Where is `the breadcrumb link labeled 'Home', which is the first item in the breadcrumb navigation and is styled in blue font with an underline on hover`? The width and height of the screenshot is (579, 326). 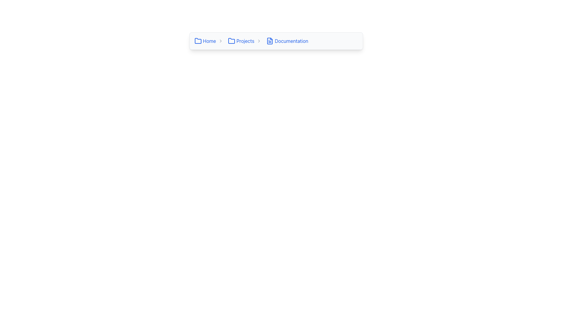 the breadcrumb link labeled 'Home', which is the first item in the breadcrumb navigation and is styled in blue font with an underline on hover is located at coordinates (210, 41).